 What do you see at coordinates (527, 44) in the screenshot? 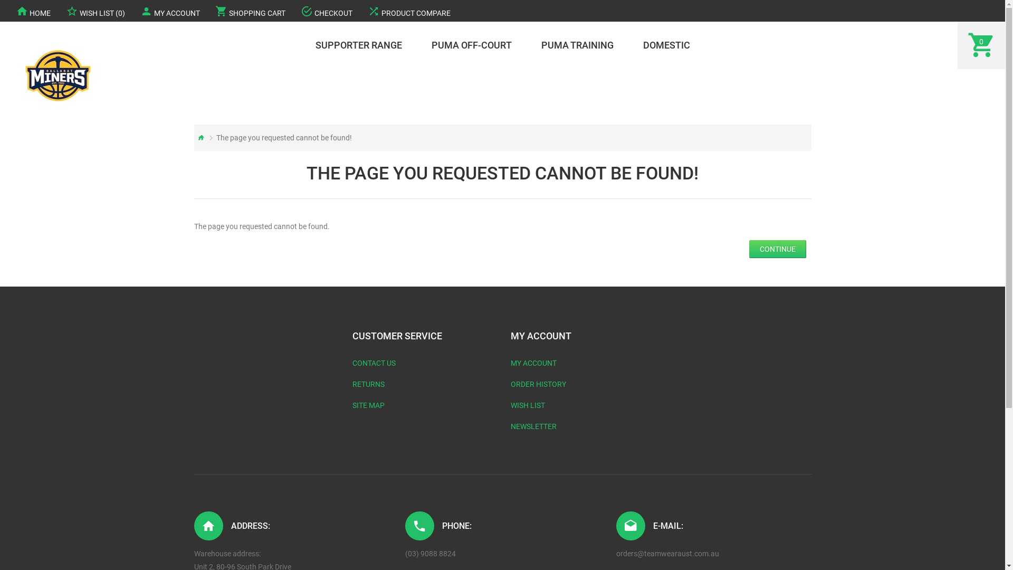
I see `'PUMA TRAINING'` at bounding box center [527, 44].